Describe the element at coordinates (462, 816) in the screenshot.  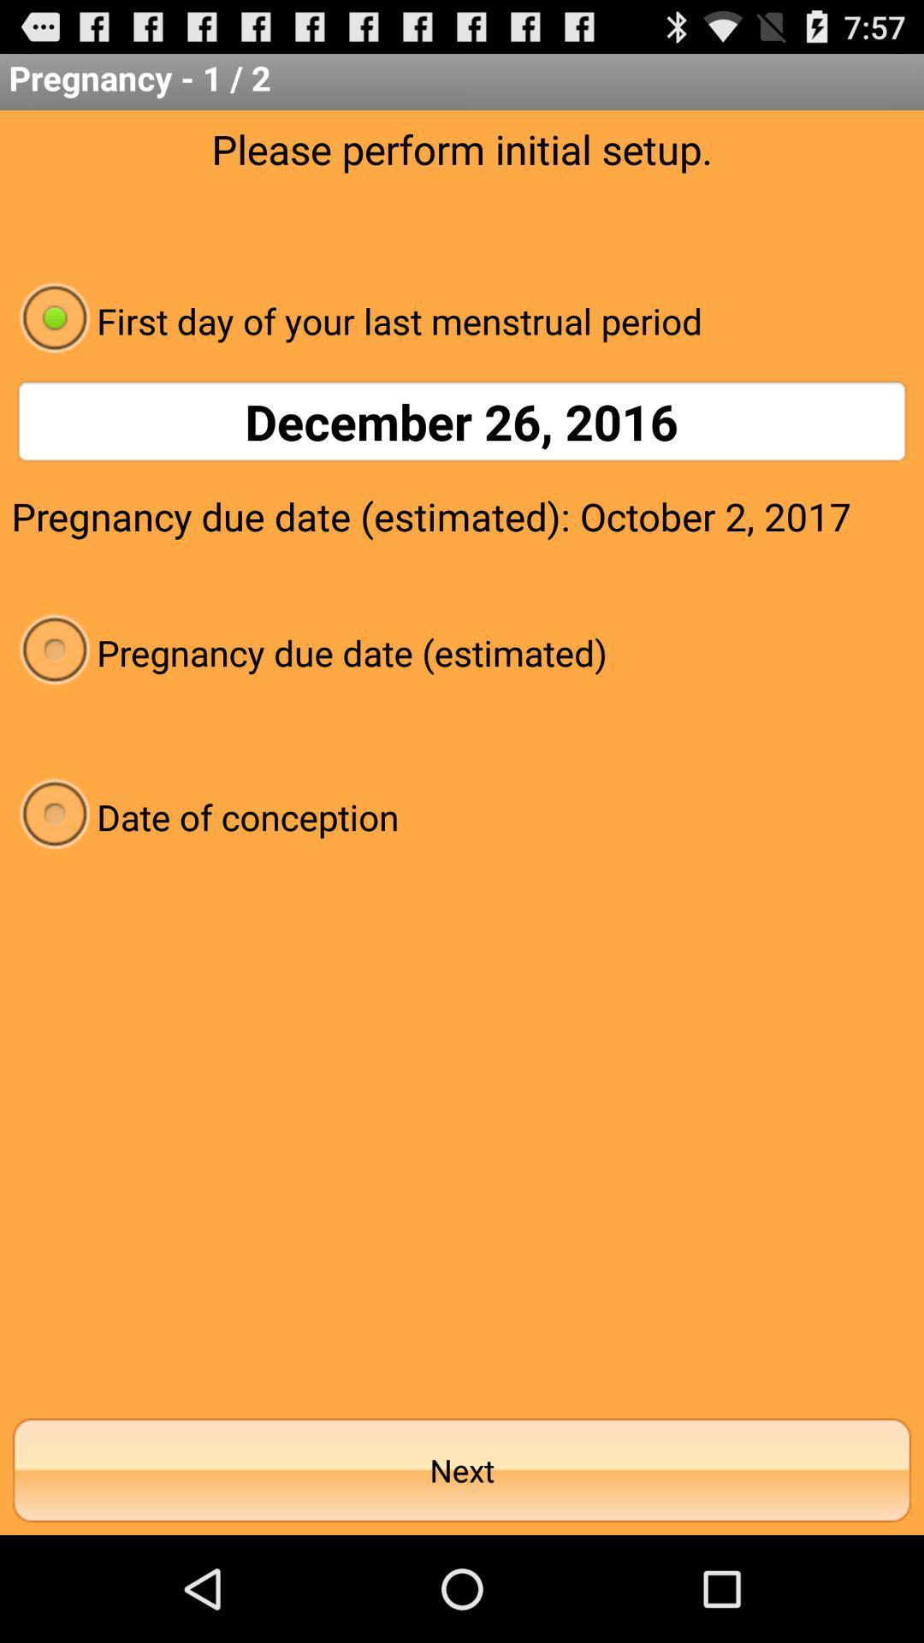
I see `the radio button below the pregnancy due date icon` at that location.